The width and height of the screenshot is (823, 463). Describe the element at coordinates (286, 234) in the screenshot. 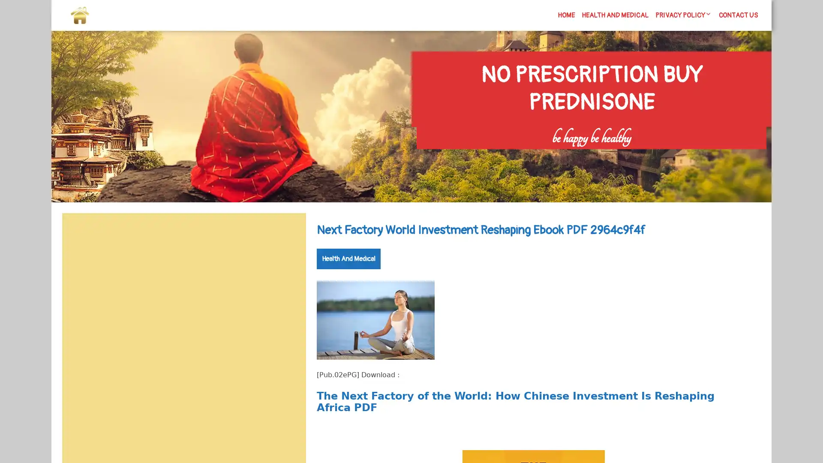

I see `Search` at that location.